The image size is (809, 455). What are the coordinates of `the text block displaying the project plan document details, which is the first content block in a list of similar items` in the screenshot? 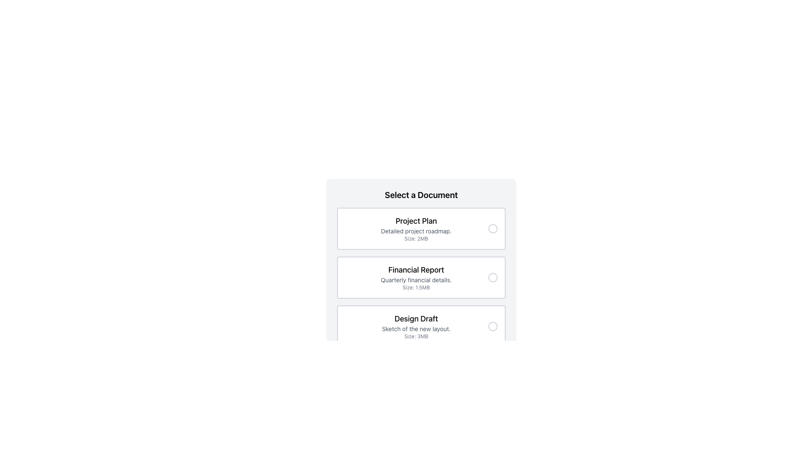 It's located at (416, 229).